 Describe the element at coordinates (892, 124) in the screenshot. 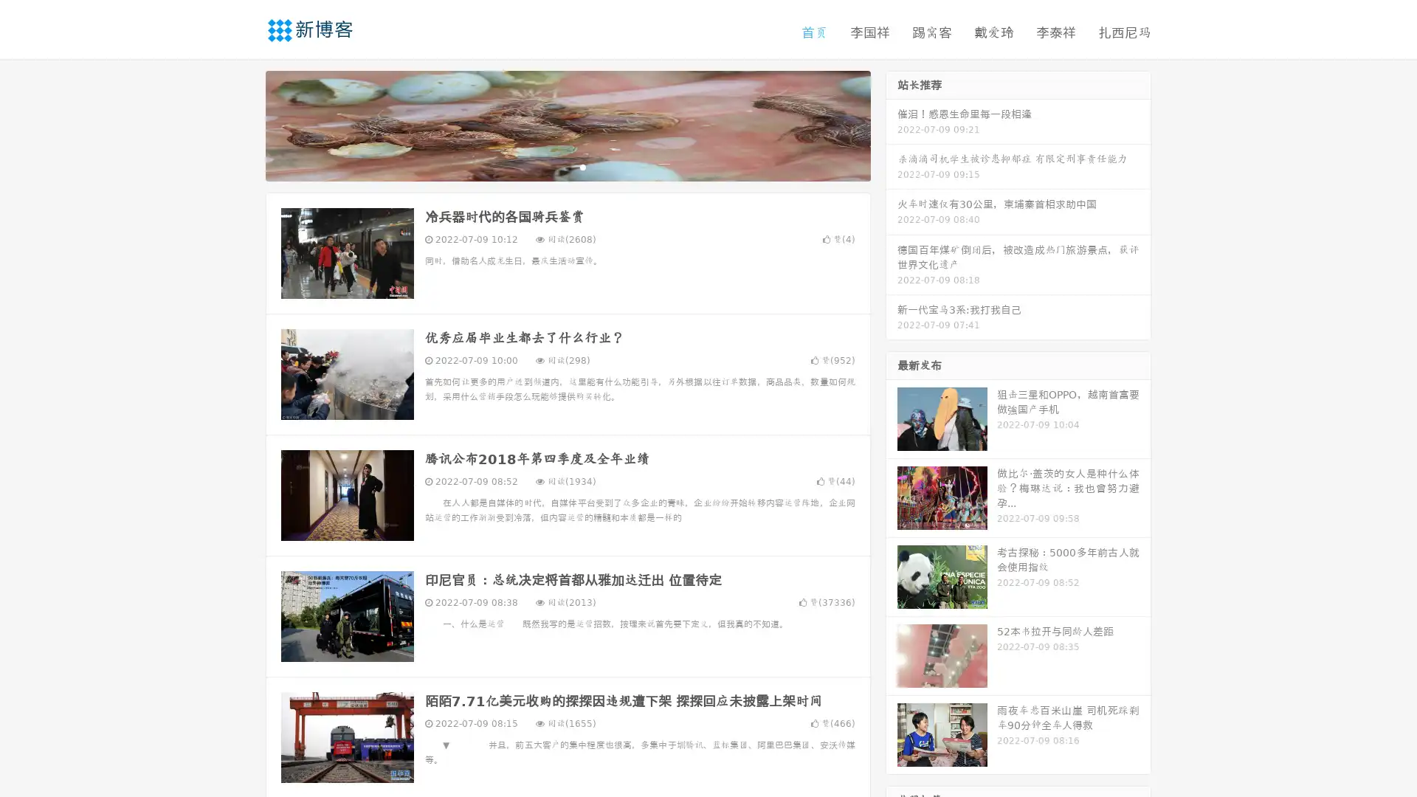

I see `Next slide` at that location.